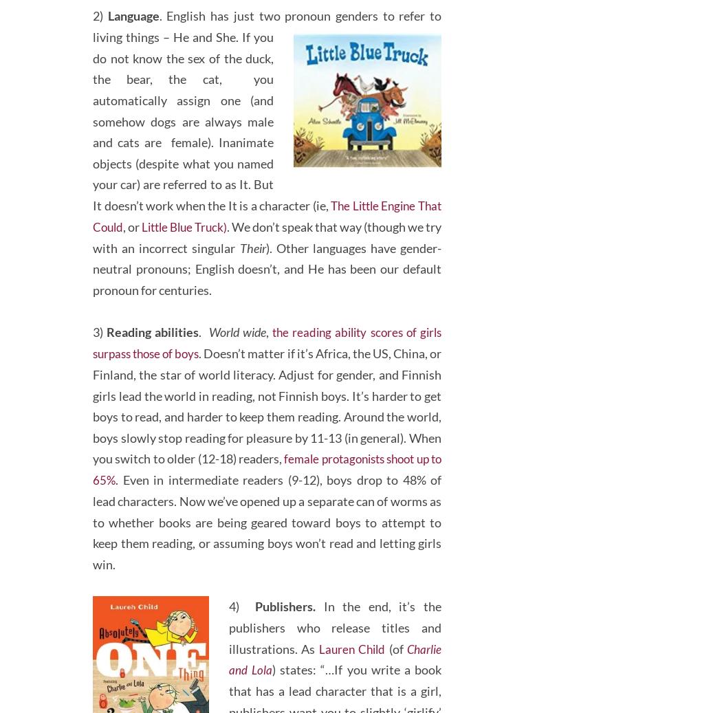  I want to click on 'Publishers.', so click(285, 644).